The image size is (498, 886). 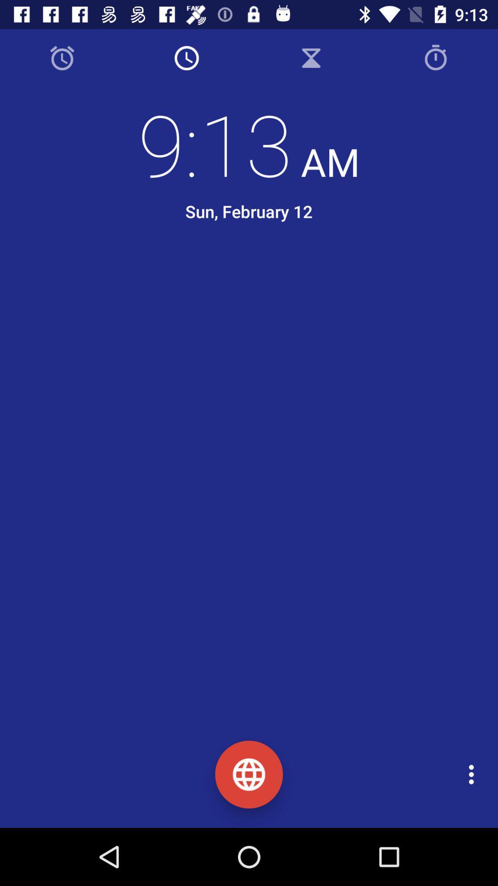 What do you see at coordinates (249, 211) in the screenshot?
I see `sun, february 12 item` at bounding box center [249, 211].